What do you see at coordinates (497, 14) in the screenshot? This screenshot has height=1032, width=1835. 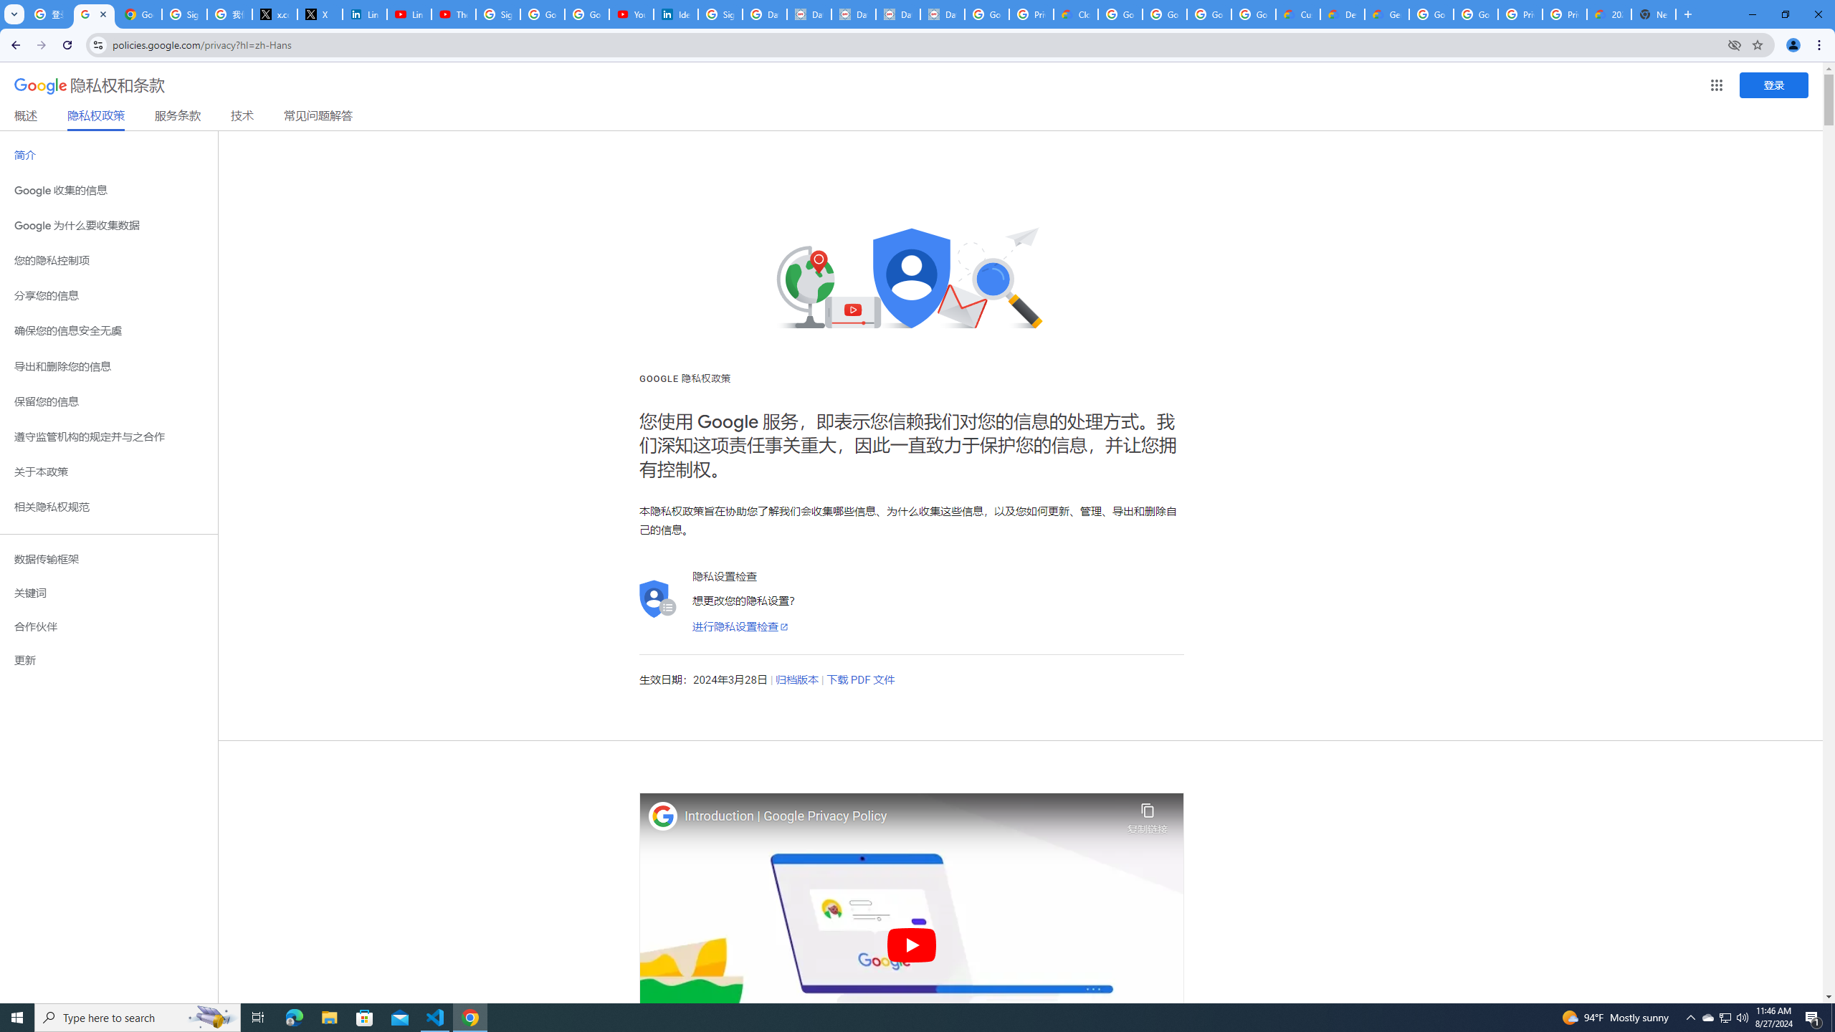 I see `'Sign in - Google Accounts'` at bounding box center [497, 14].